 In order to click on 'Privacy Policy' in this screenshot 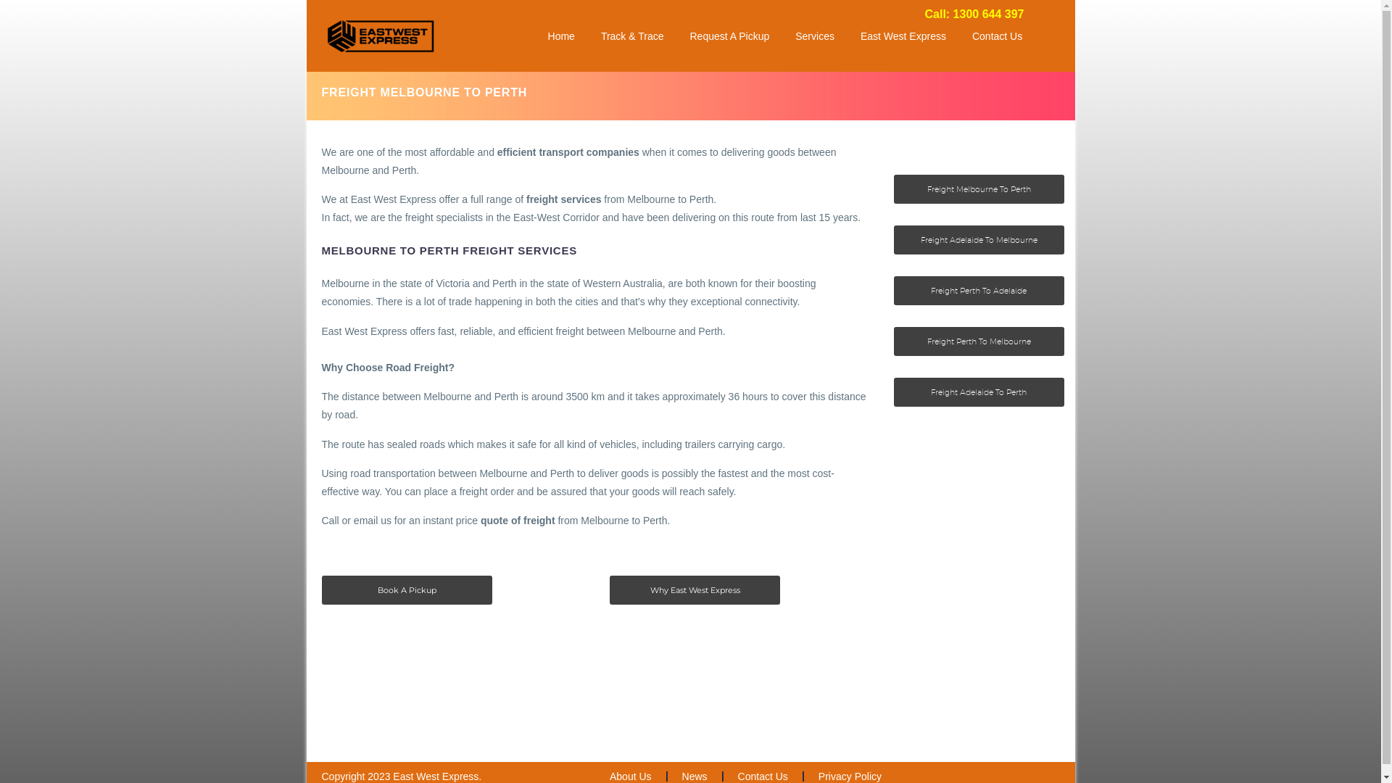, I will do `click(850, 776)`.